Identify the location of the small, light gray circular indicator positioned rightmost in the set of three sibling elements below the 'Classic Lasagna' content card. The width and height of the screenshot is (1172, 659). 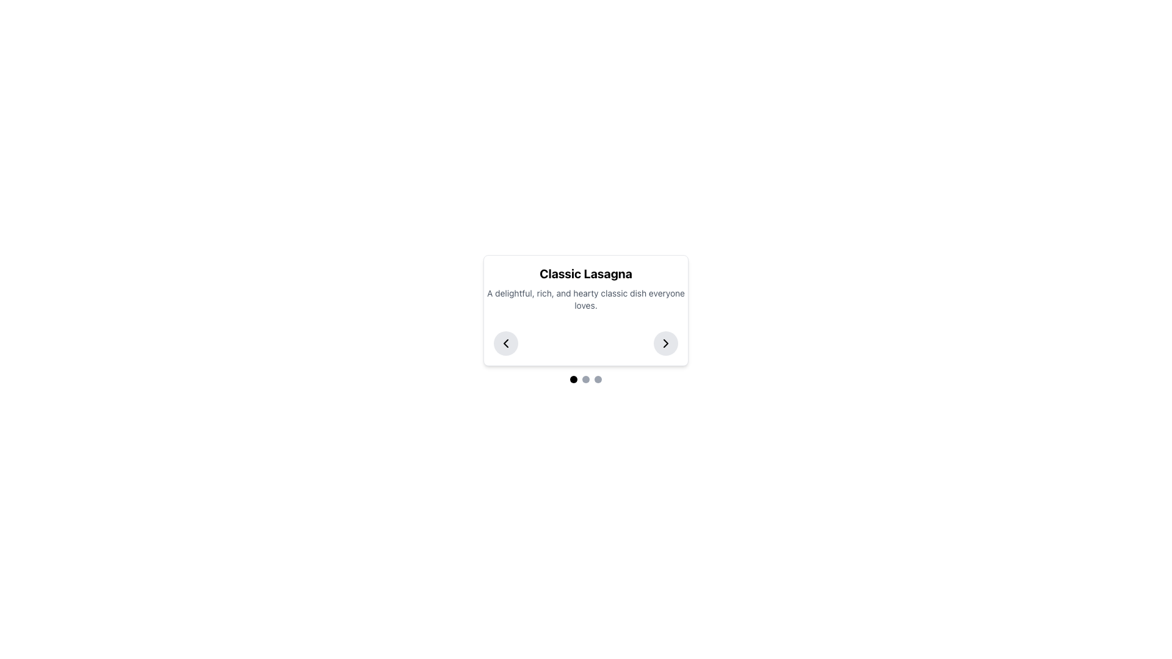
(598, 378).